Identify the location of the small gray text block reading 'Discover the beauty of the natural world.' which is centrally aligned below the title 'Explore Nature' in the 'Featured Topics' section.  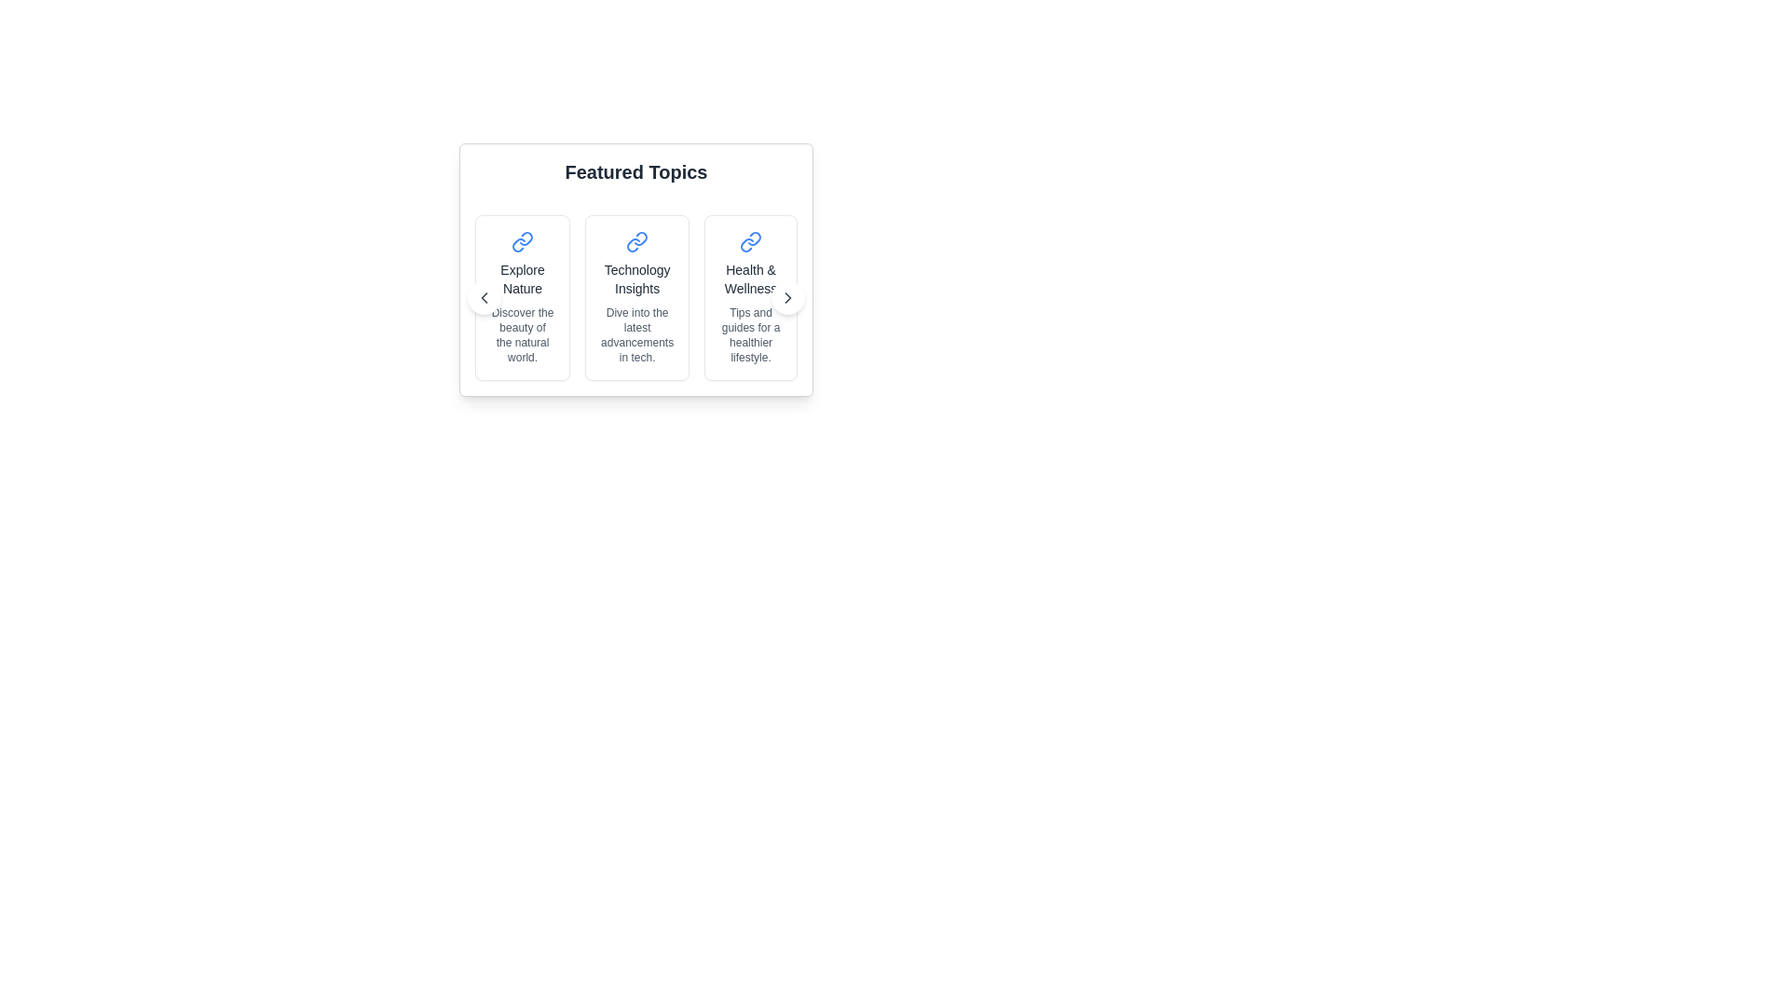
(522, 333).